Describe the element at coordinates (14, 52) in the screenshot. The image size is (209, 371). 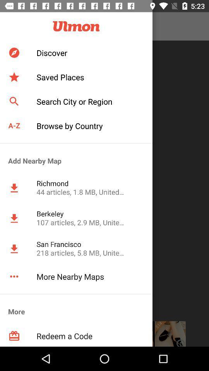
I see `the icon on left to the discover button on the web page` at that location.